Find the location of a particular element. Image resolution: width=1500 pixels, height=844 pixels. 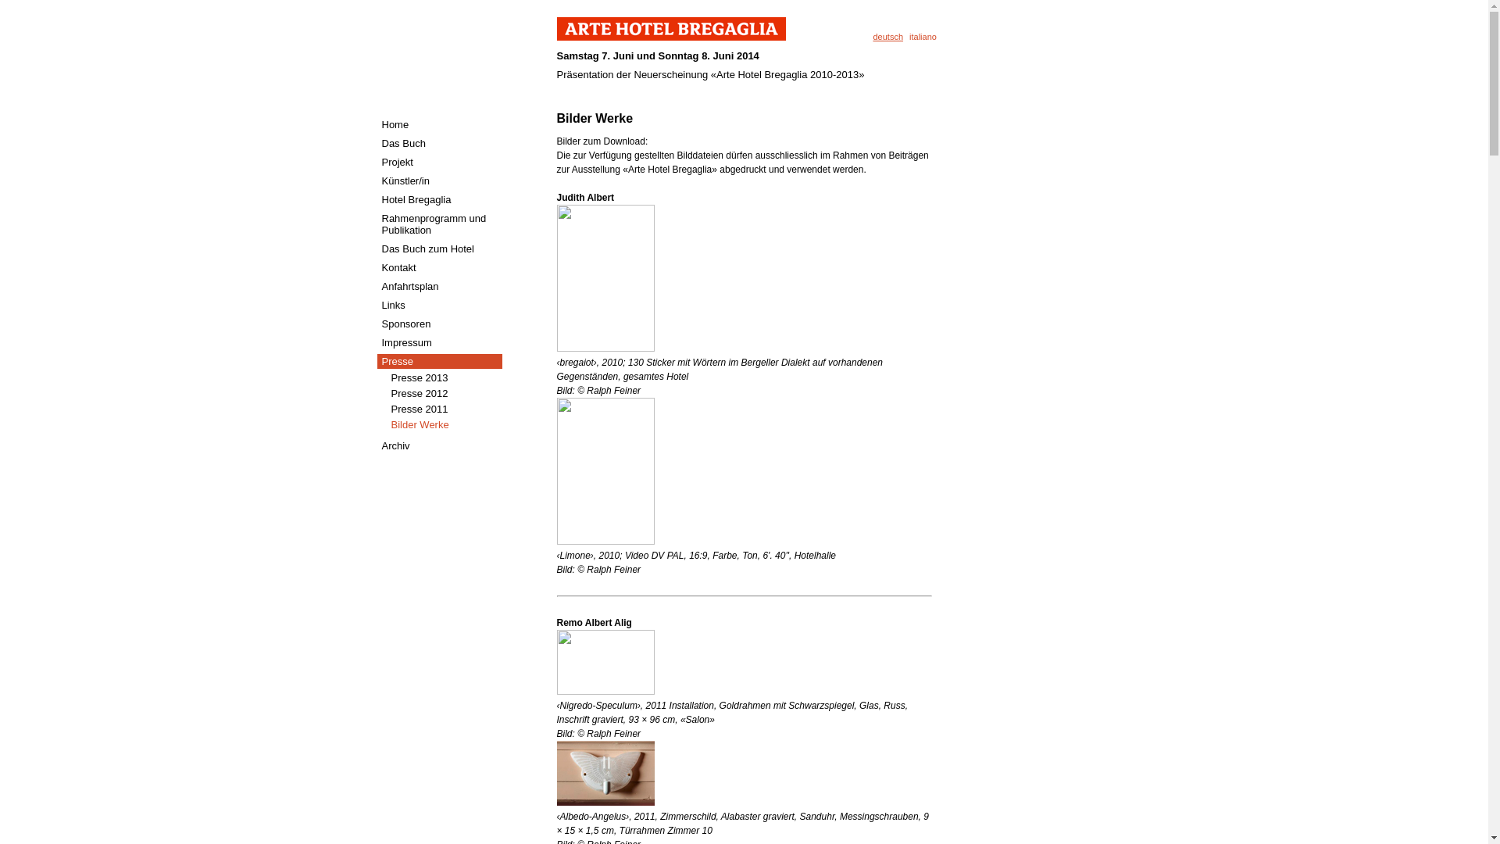

'Rahmenprogramm und Publikation' is located at coordinates (437, 224).